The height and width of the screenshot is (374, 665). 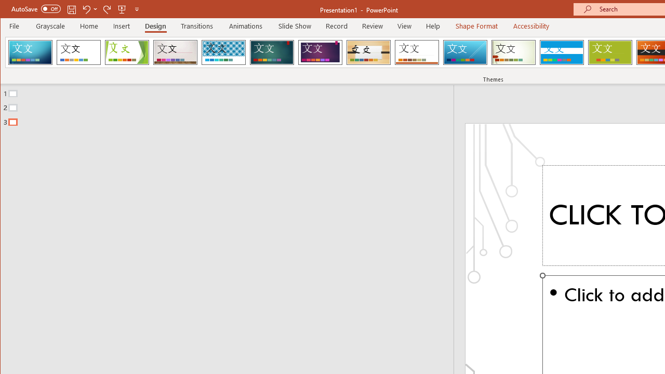 What do you see at coordinates (417, 52) in the screenshot?
I see `'Retrospect'` at bounding box center [417, 52].